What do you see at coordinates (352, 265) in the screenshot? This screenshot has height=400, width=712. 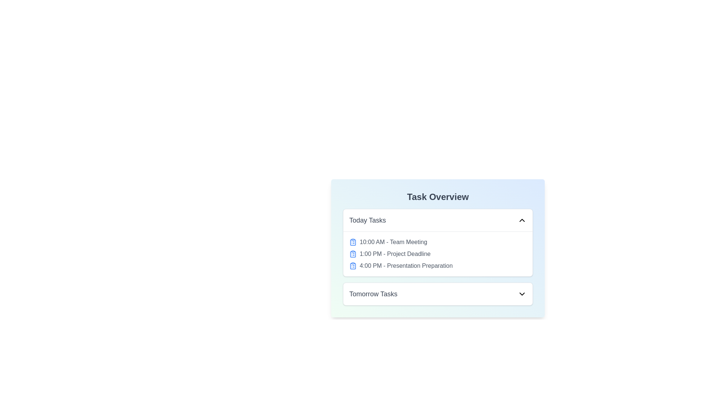 I see `the icon associated with the task '4:00 PM - Presentation Preparation'` at bounding box center [352, 265].